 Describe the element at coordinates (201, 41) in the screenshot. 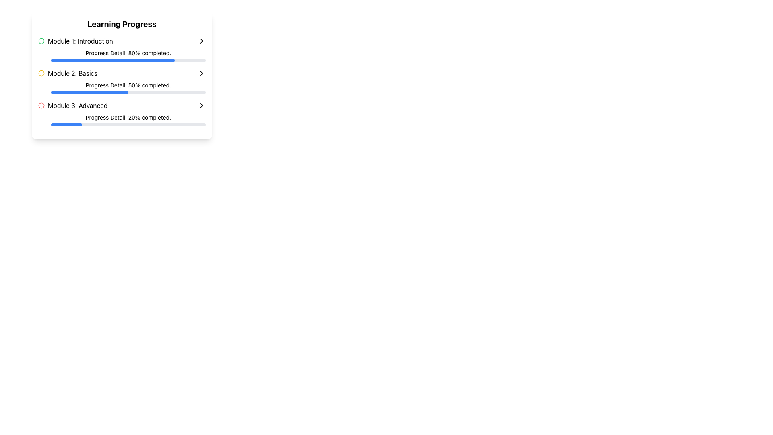

I see `the chevron icon for navigation located at the far right of 'Module 1: Introduction'` at that location.